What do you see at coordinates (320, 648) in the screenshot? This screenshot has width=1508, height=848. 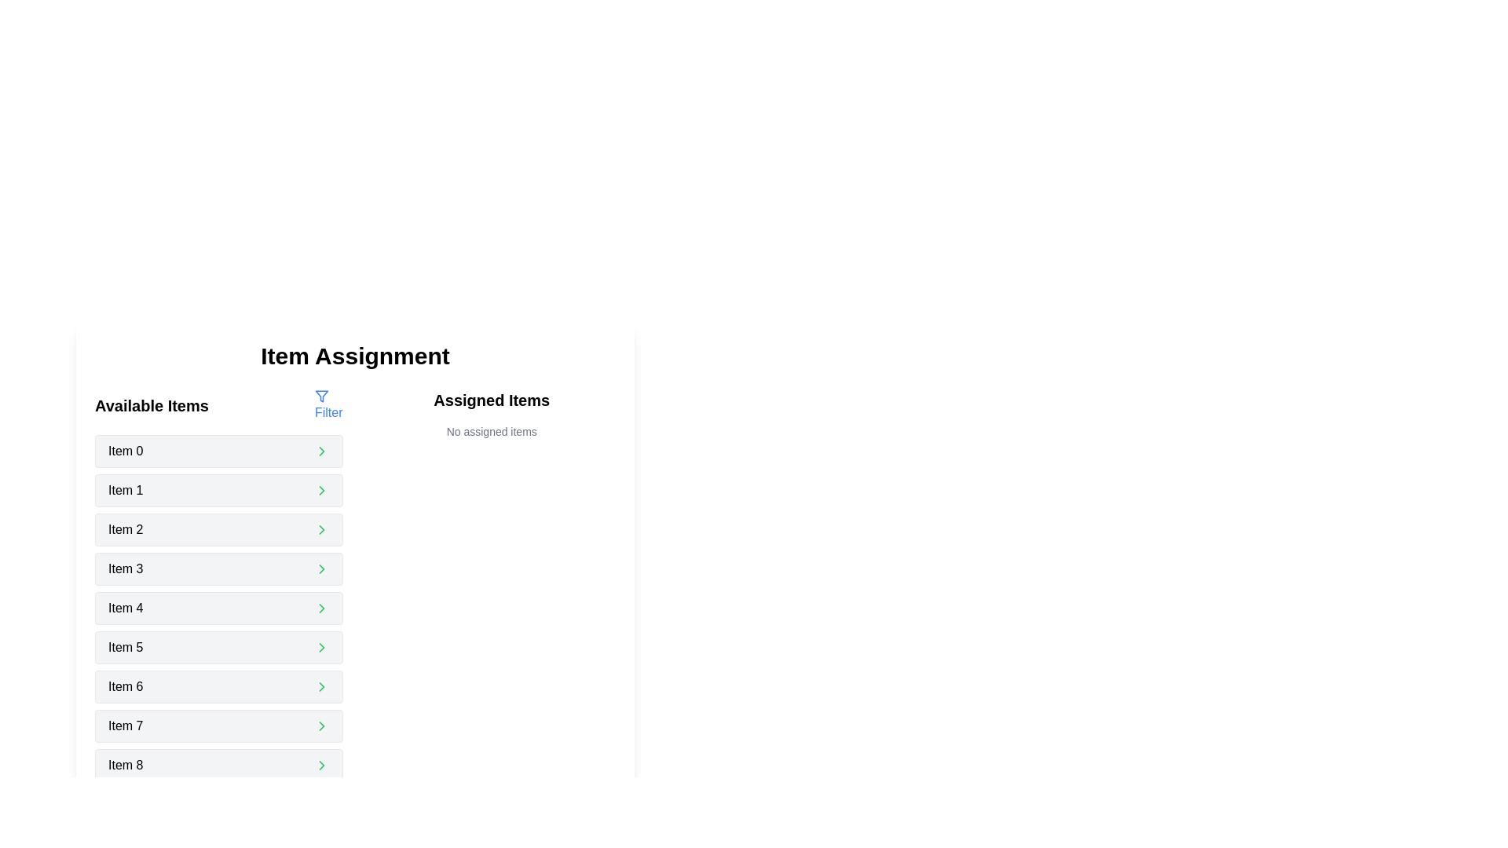 I see `the right-pointing green chevron icon located at the far-right edge of the 'Item 5' button` at bounding box center [320, 648].